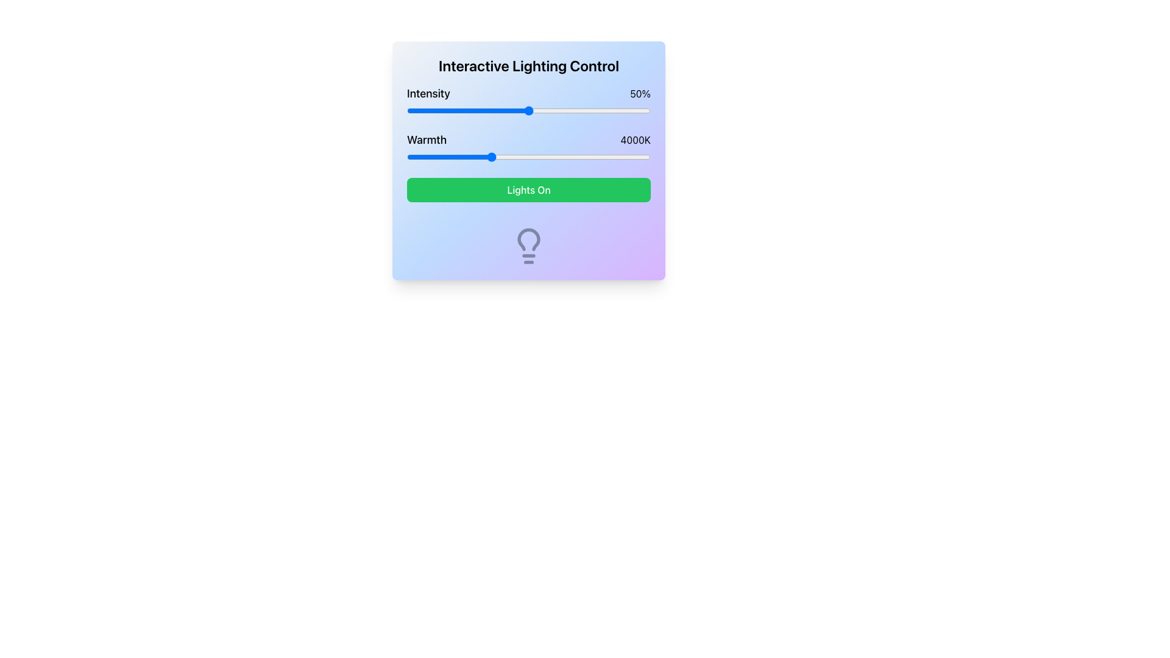 The width and height of the screenshot is (1170, 658). What do you see at coordinates (529, 93) in the screenshot?
I see `the text label displaying 'Intensity' and '50%', which serves as the header for the intensity slider located in the upper region of the control panel` at bounding box center [529, 93].